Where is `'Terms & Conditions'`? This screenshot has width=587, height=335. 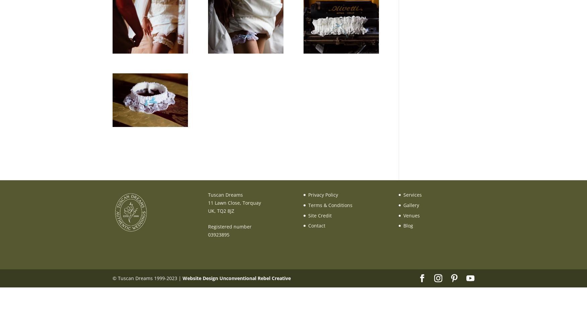
'Terms & Conditions' is located at coordinates (329, 204).